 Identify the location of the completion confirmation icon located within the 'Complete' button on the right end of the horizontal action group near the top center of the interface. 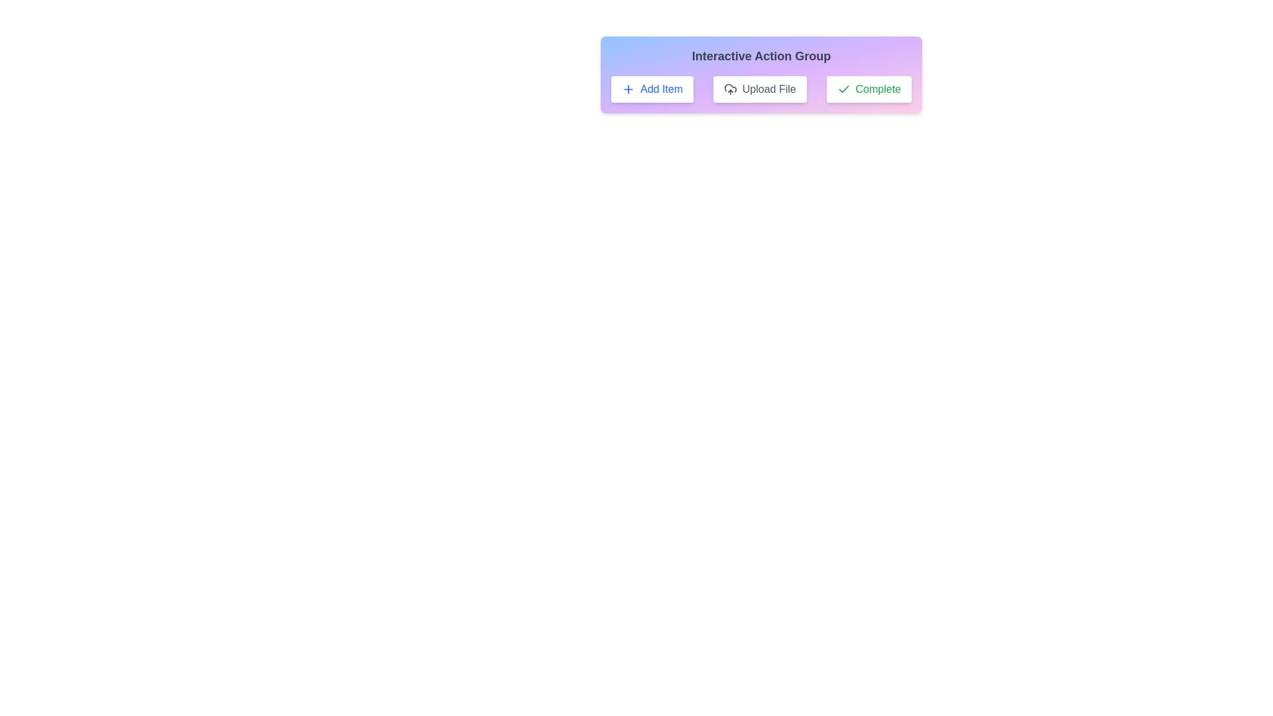
(843, 89).